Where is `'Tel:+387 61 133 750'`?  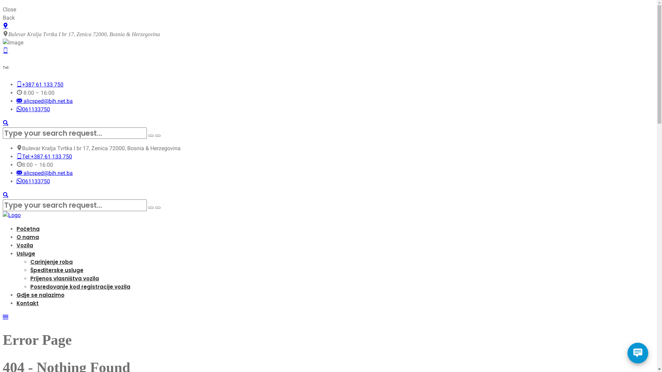
'Tel:+387 61 133 750' is located at coordinates (44, 156).